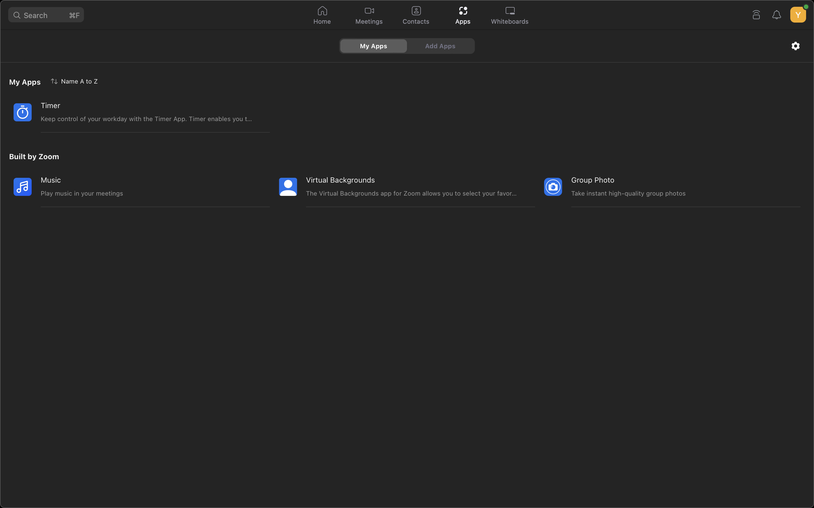  Describe the element at coordinates (131, 112) in the screenshot. I see `the timer software` at that location.